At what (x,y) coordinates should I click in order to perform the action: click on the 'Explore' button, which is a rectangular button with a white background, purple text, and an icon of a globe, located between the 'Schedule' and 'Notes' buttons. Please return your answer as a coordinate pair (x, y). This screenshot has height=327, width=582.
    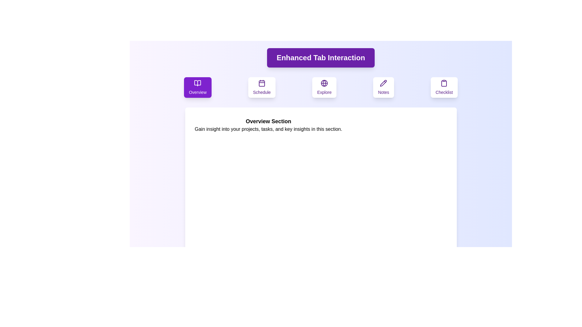
    Looking at the image, I should click on (324, 88).